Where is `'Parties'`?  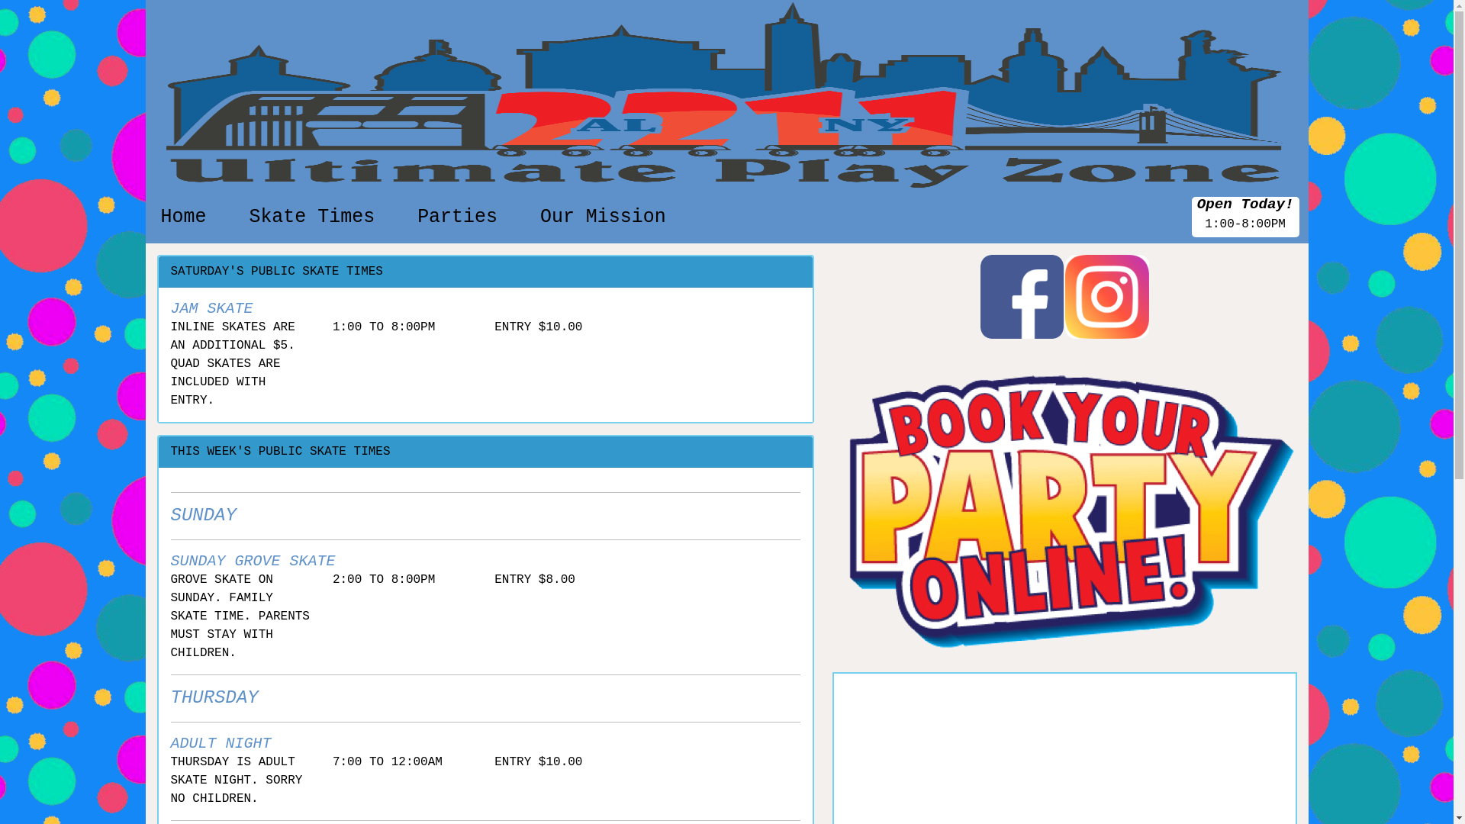
'Parties' is located at coordinates (411, 217).